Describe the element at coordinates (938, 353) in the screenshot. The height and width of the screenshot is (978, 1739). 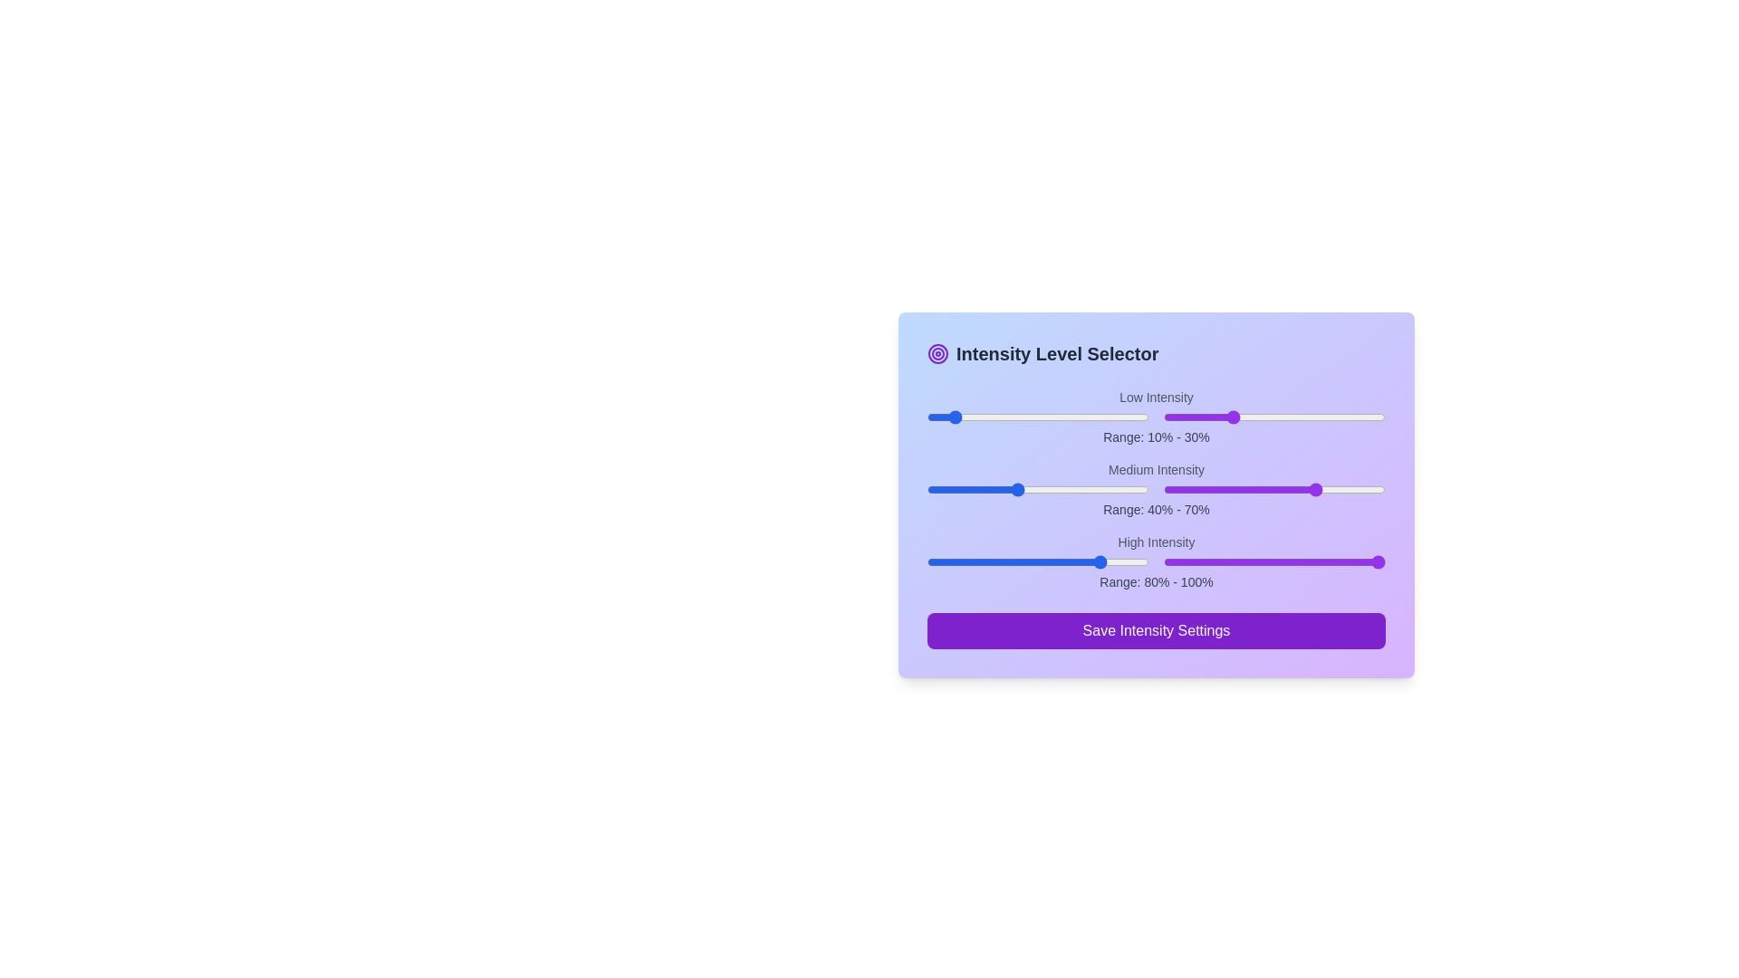
I see `the graphical icon to explore its functionality` at that location.